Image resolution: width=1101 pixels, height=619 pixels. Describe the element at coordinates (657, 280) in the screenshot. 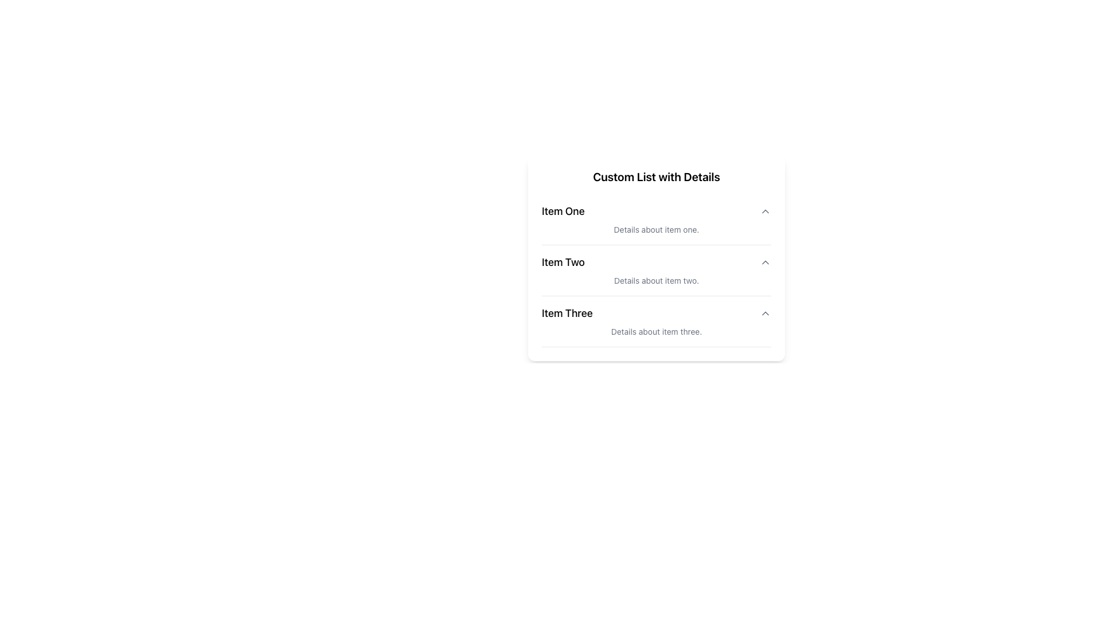

I see `the static text reading 'Details about item two.' which is styled with a small font size and light gray color, located beneath the bold text 'Item Two'` at that location.